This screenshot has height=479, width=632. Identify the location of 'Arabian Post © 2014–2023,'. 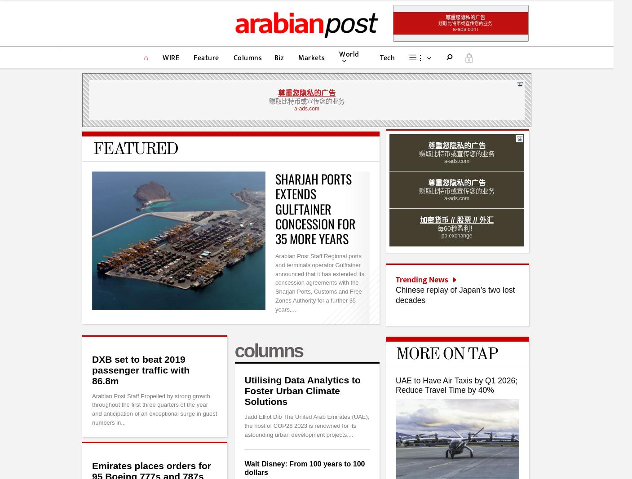
(179, 390).